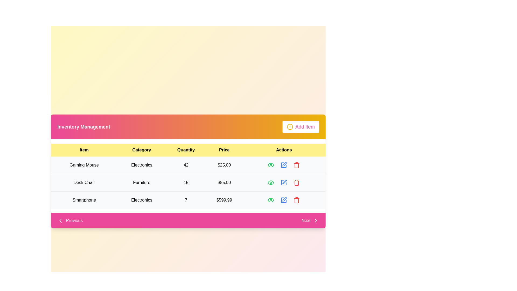 The width and height of the screenshot is (517, 291). What do you see at coordinates (301, 127) in the screenshot?
I see `the 'Add Item' button located at the top-right corner of the inventory management interface` at bounding box center [301, 127].